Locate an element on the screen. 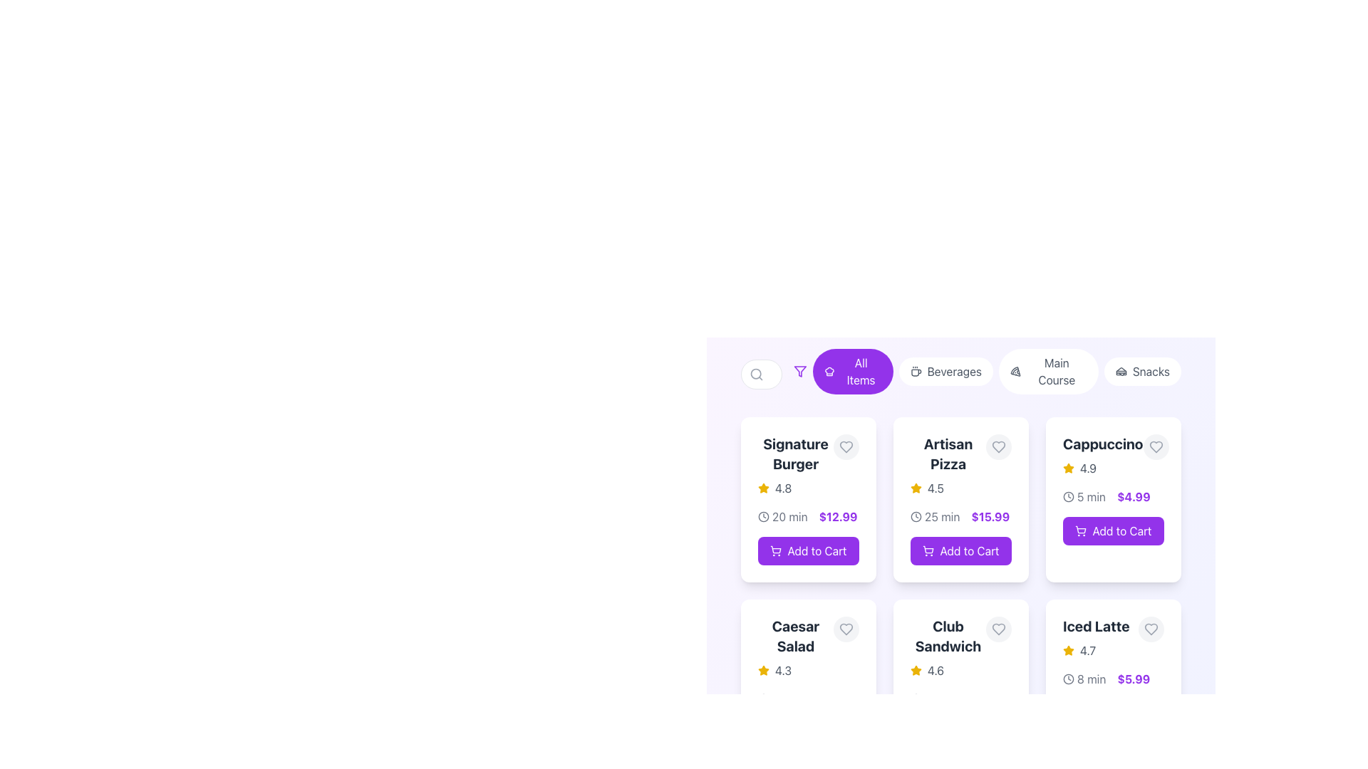  the text display showing '25 min $15.99' that is located in the second card of the menu grid for 'Artisan Pizza', situated below the title and rating stars, above the 'Add to Cart' button is located at coordinates (960, 516).